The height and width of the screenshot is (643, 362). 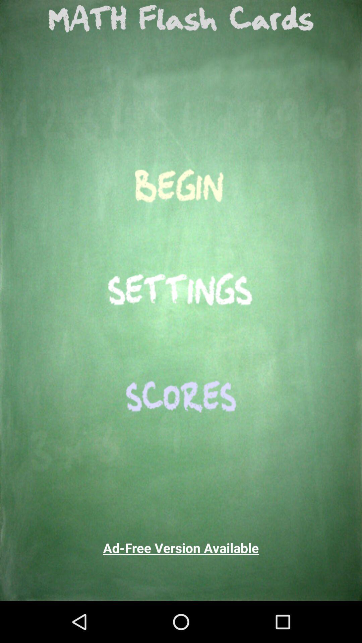 I want to click on the ad free version, so click(x=181, y=548).